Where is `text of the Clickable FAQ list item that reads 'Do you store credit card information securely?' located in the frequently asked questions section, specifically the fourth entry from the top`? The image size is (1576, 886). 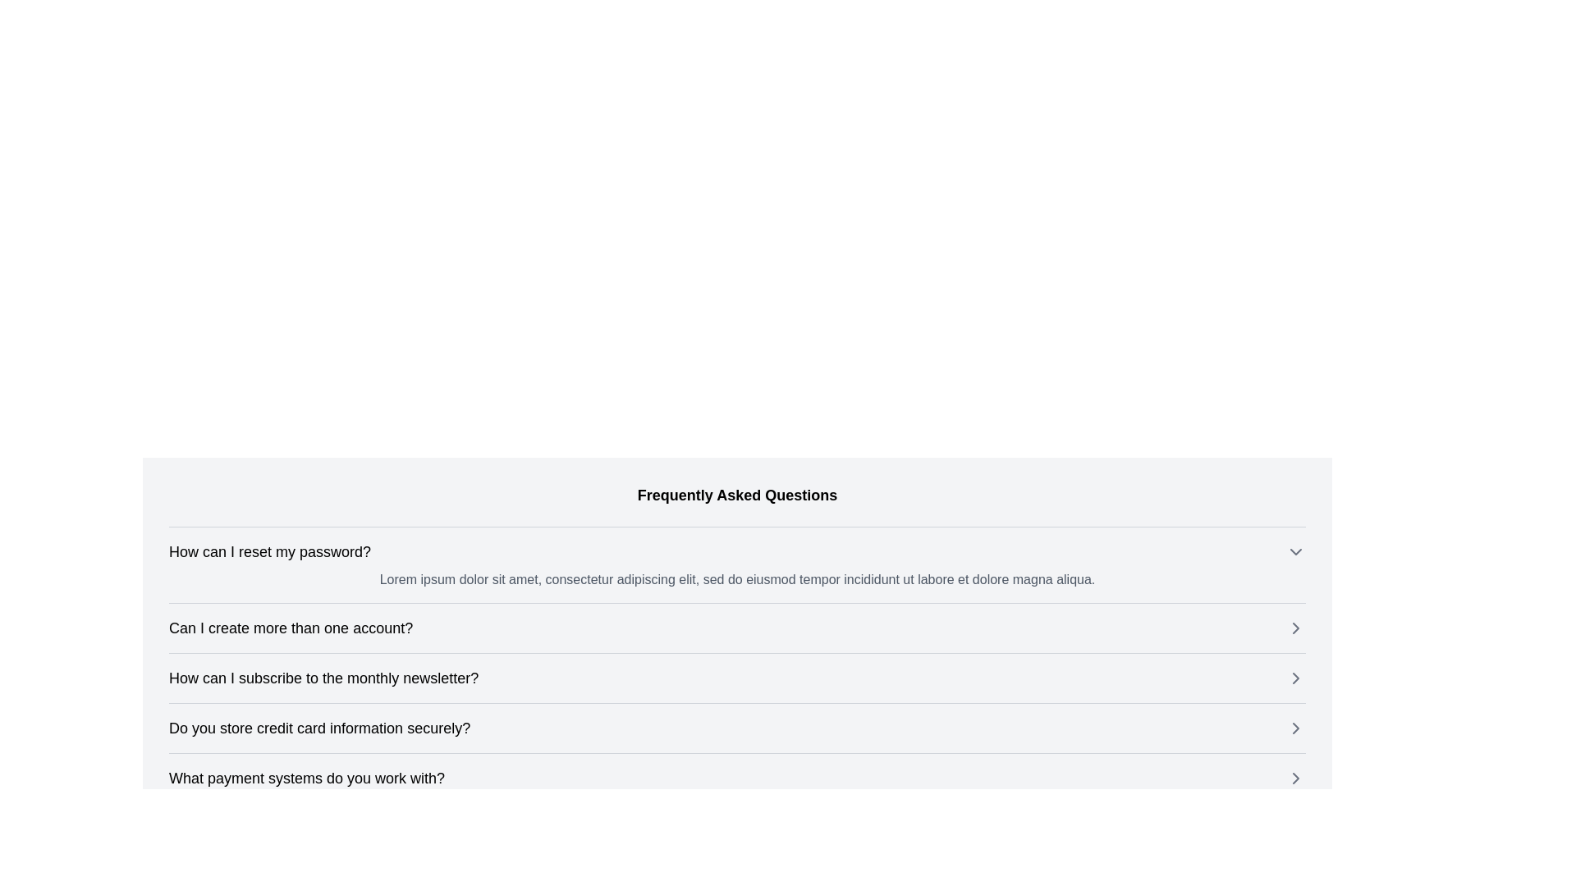 text of the Clickable FAQ list item that reads 'Do you store credit card information securely?' located in the frequently asked questions section, specifically the fourth entry from the top is located at coordinates (736, 727).